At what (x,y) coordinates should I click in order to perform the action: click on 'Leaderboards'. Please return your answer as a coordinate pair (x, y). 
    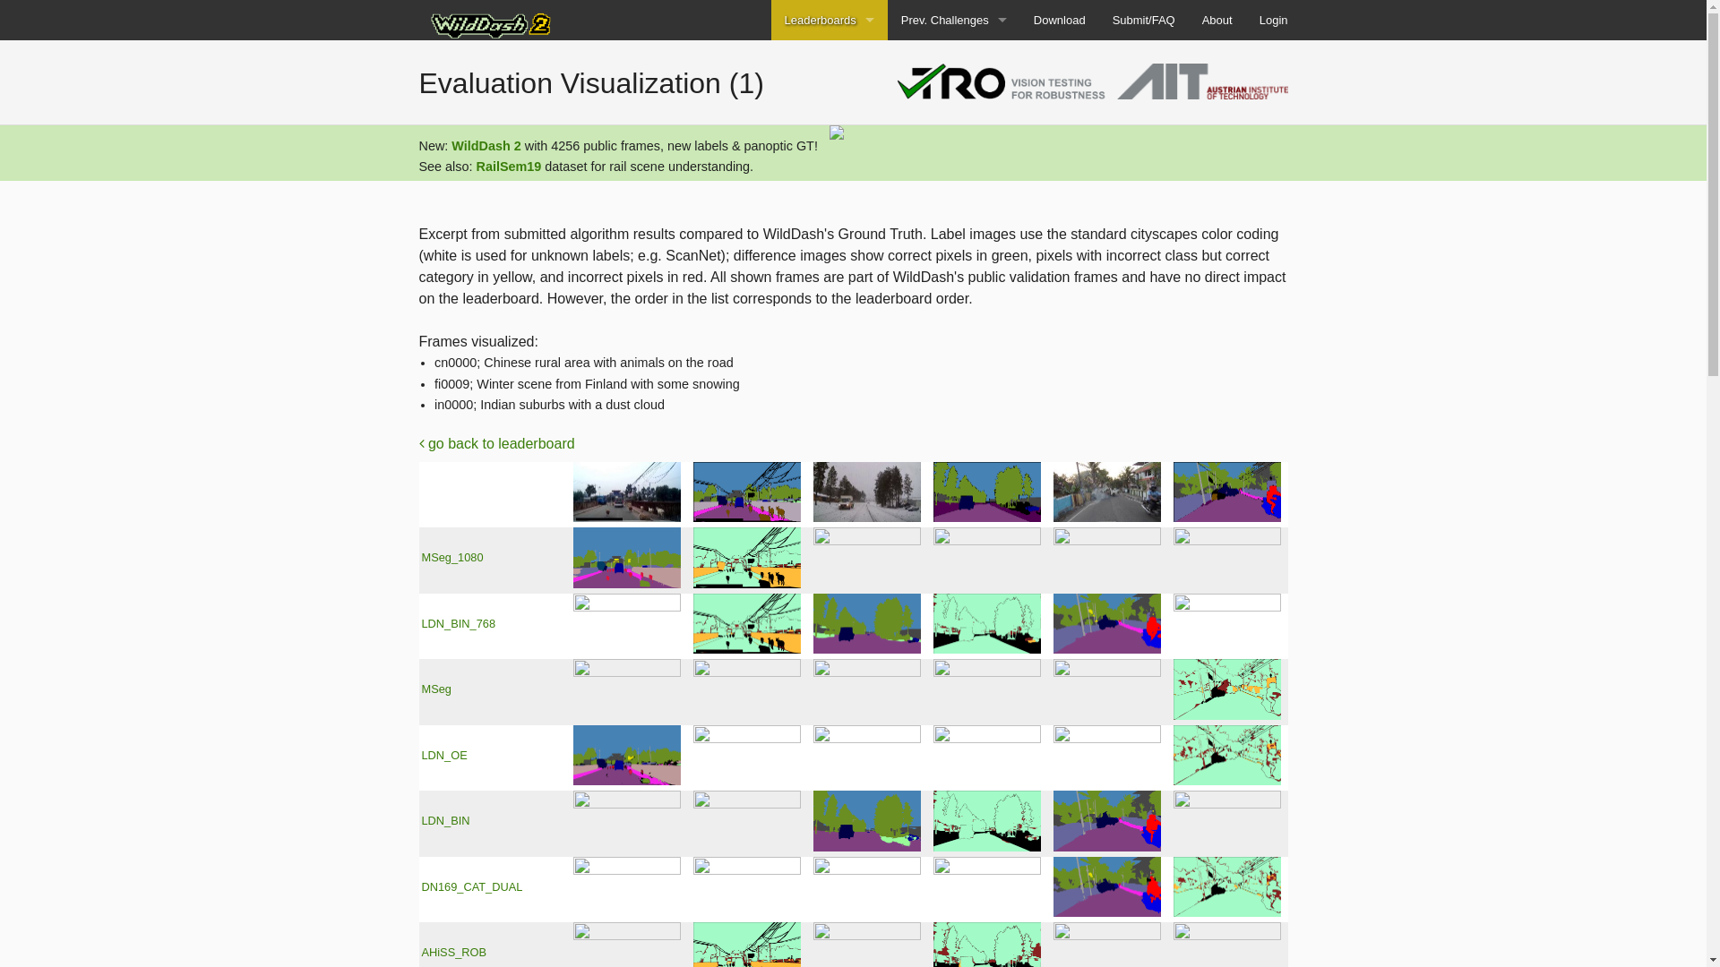
    Looking at the image, I should click on (829, 20).